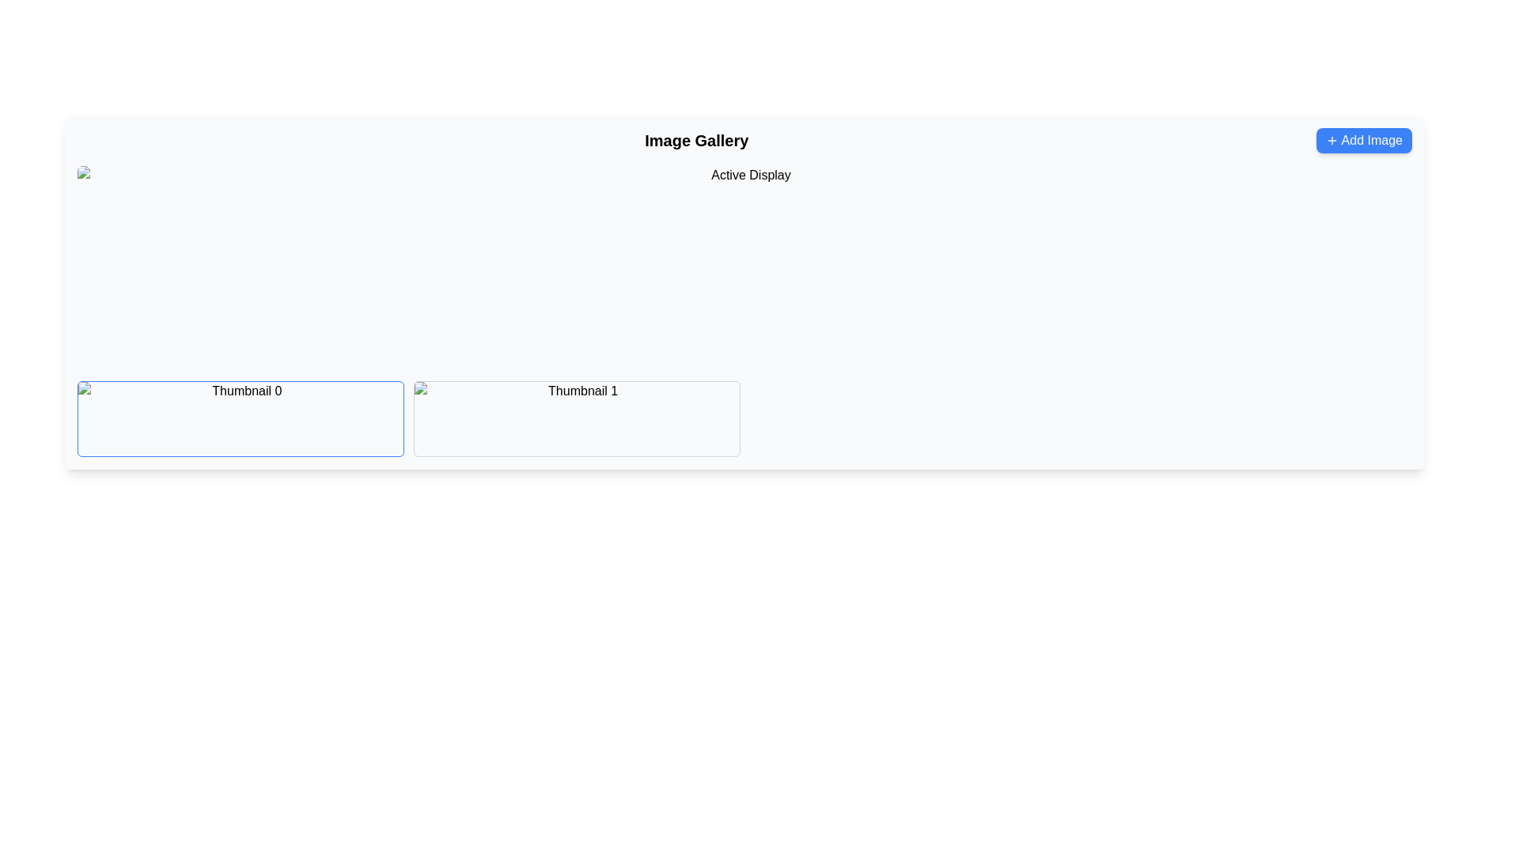 This screenshot has width=1519, height=854. Describe the element at coordinates (1362, 139) in the screenshot. I see `the button located at the upper right corner of the 'Image Gallery' section` at that location.